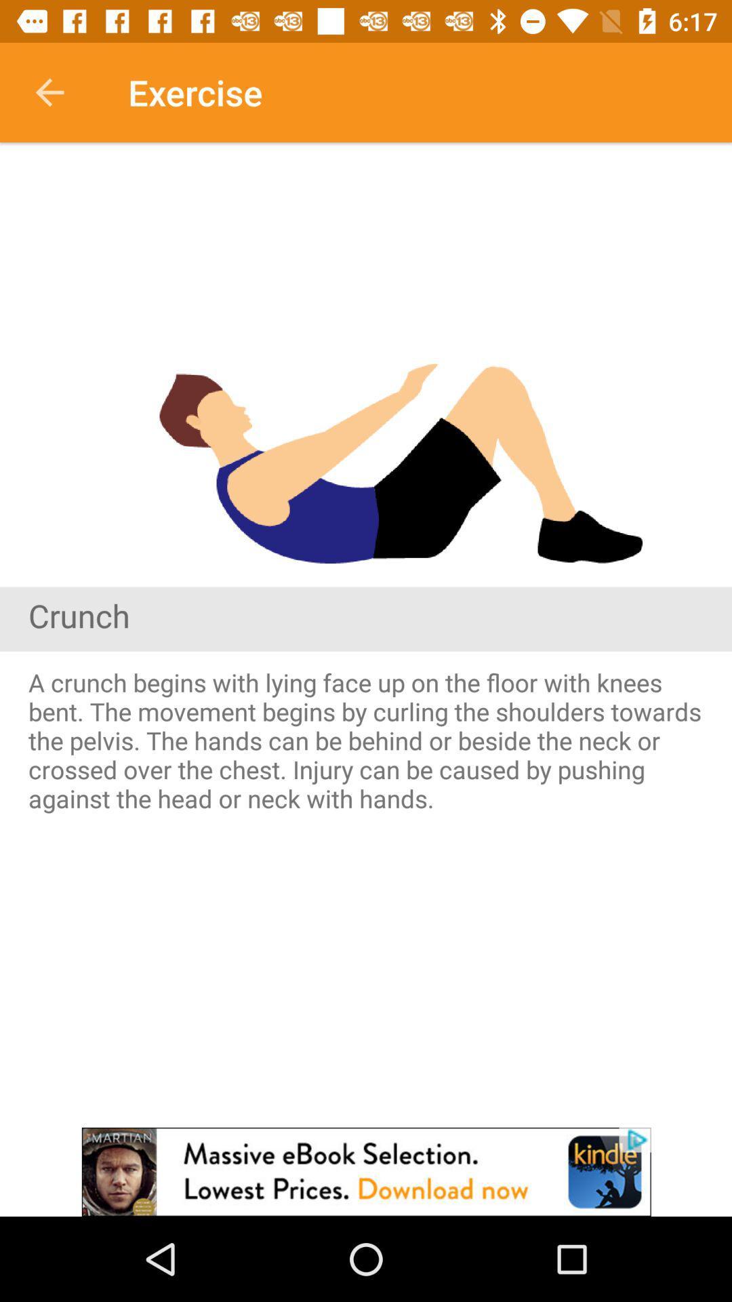 The image size is (732, 1302). Describe the element at coordinates (366, 1171) in the screenshot. I see `open advertisement` at that location.